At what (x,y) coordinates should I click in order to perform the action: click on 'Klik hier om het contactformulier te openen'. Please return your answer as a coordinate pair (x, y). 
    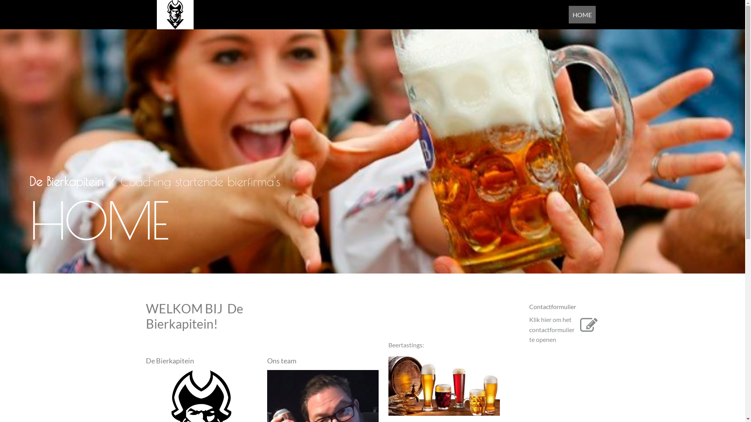
    Looking at the image, I should click on (564, 329).